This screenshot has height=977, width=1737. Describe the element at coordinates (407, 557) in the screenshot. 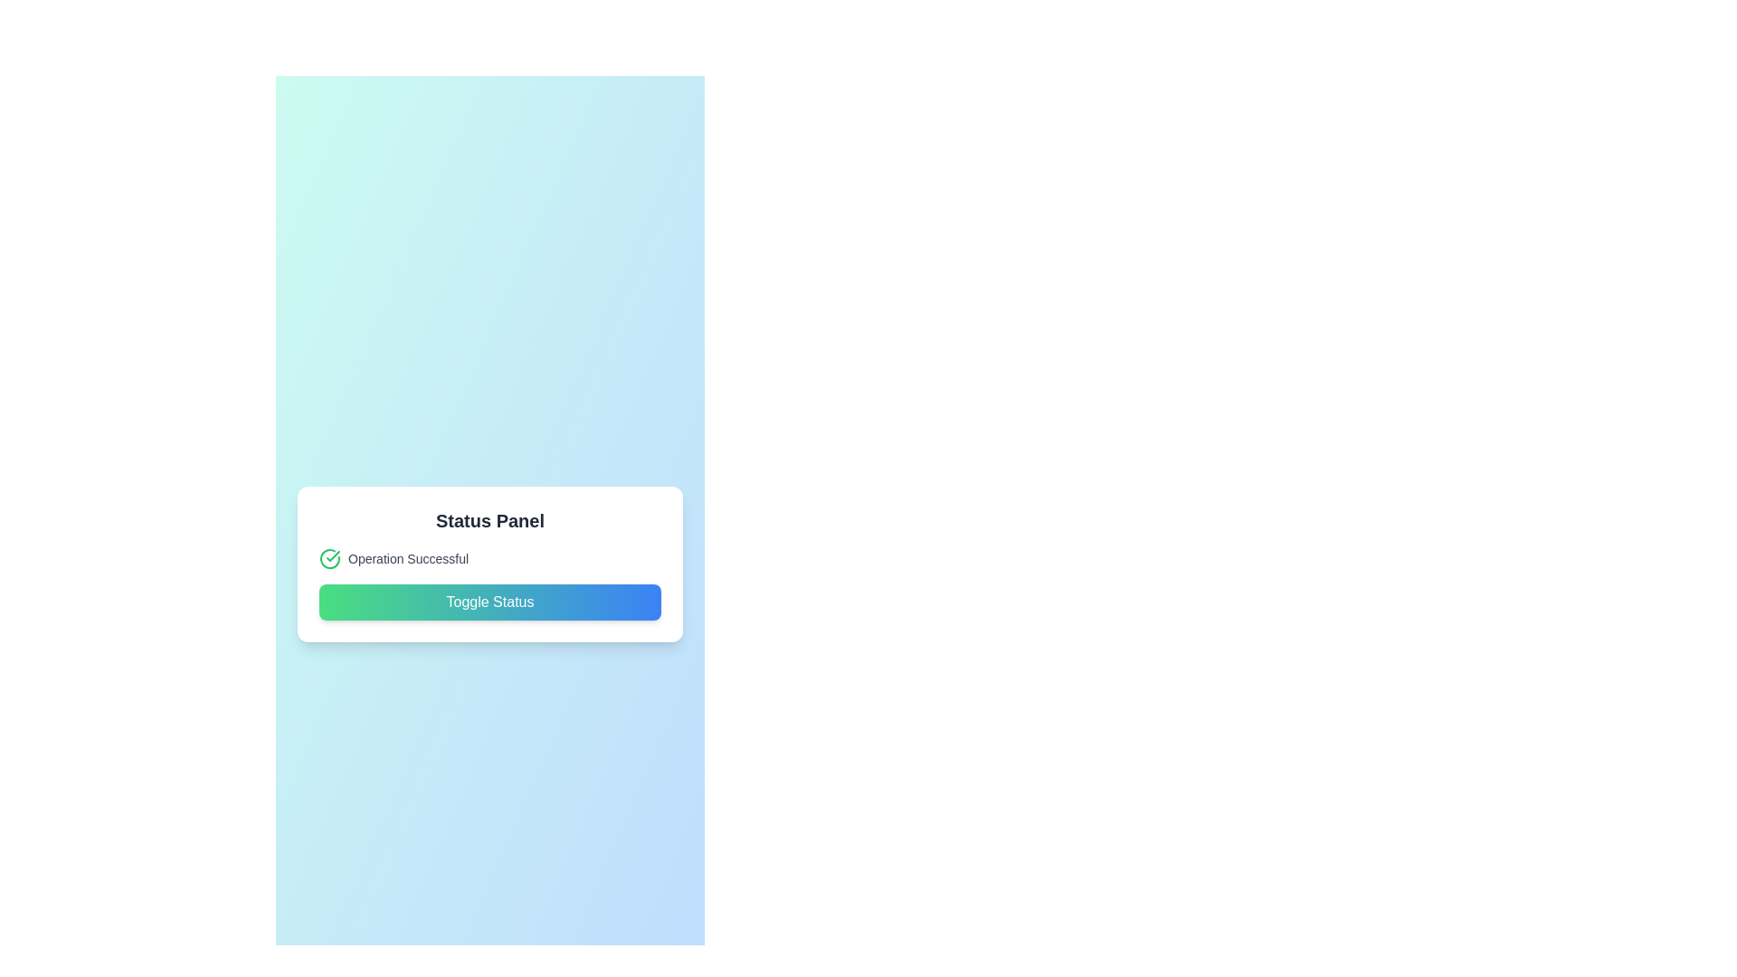

I see `the static text label conveying a successful operation message, located in the 'Status Panel' card, aligned with a green check-circle icon and above a 'Toggle Status' button` at that location.